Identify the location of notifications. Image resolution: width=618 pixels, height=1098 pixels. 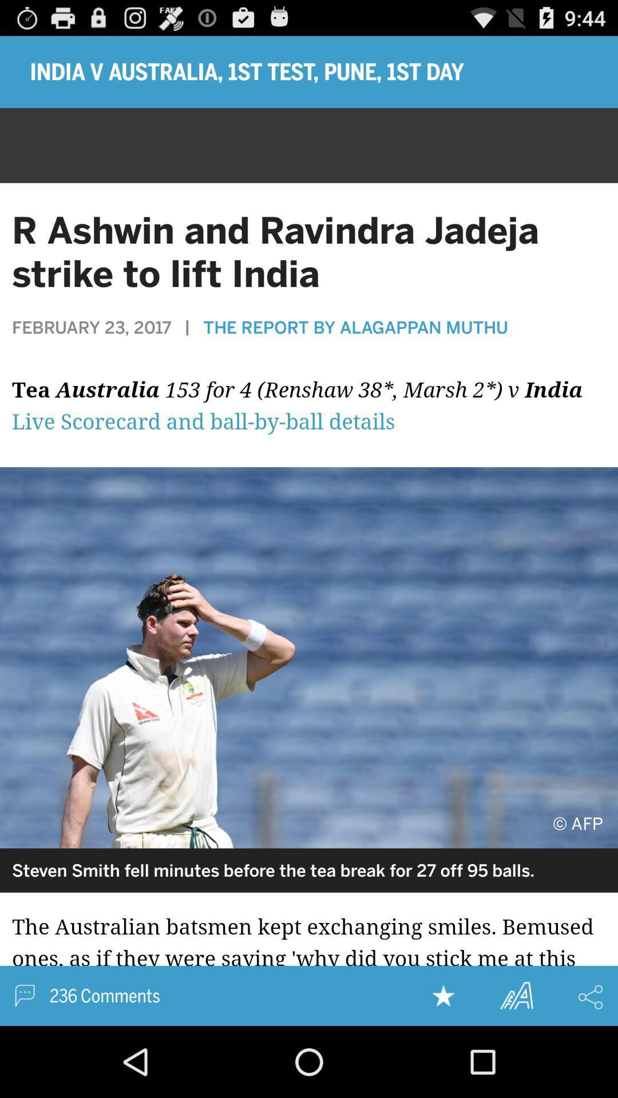
(309, 412).